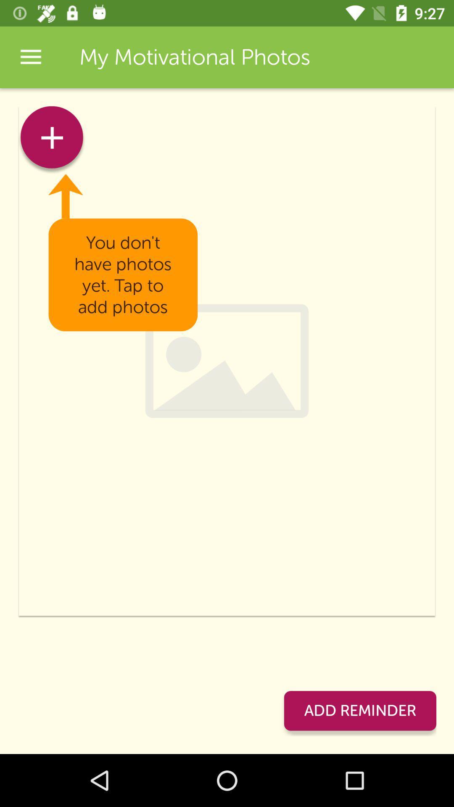 The width and height of the screenshot is (454, 807). Describe the element at coordinates (359, 710) in the screenshot. I see `the add reminder icon` at that location.